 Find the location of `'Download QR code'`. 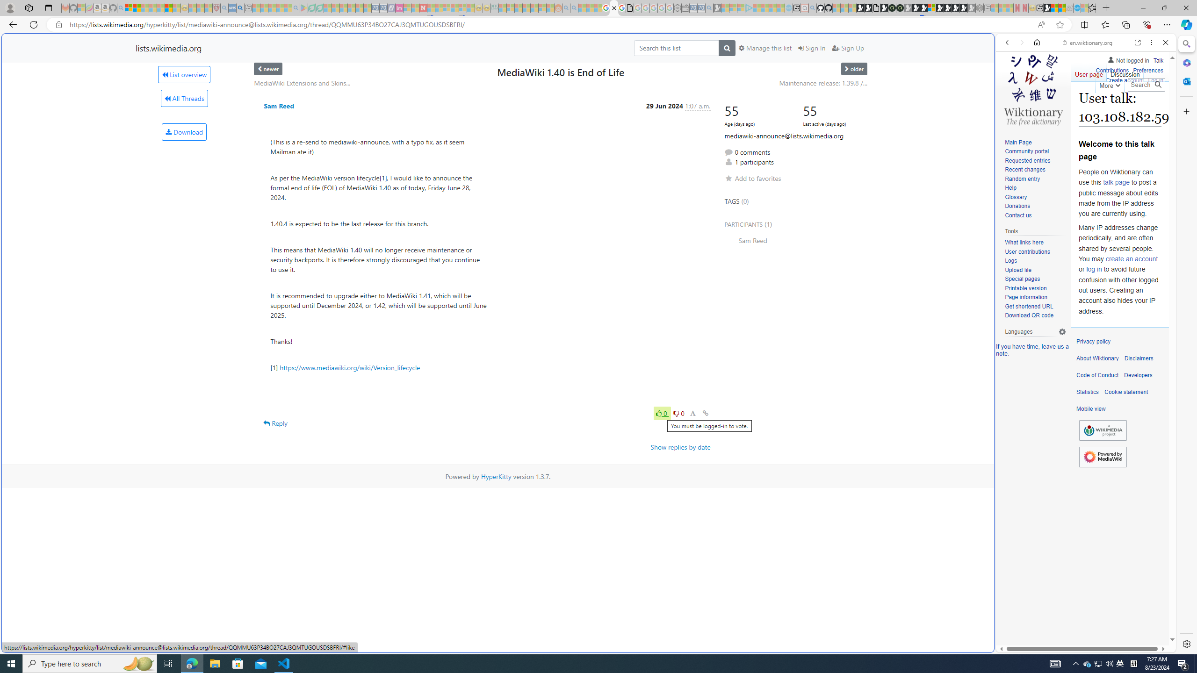

'Download QR code' is located at coordinates (1035, 315).